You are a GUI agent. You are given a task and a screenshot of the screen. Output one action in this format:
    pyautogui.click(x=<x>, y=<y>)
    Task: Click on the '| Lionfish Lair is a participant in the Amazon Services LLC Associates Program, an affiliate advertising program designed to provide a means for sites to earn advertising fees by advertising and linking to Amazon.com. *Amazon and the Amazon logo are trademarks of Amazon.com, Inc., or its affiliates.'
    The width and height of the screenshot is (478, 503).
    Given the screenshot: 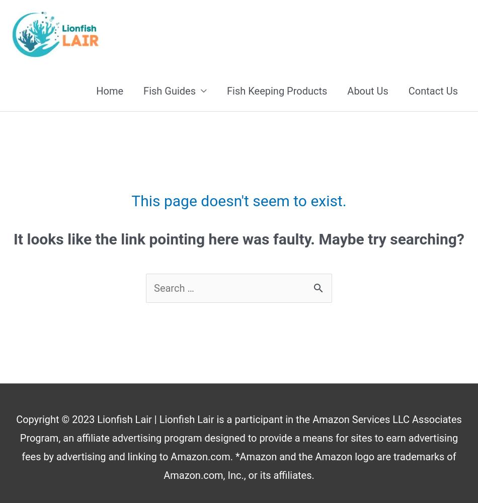 What is the action you would take?
    pyautogui.click(x=20, y=447)
    